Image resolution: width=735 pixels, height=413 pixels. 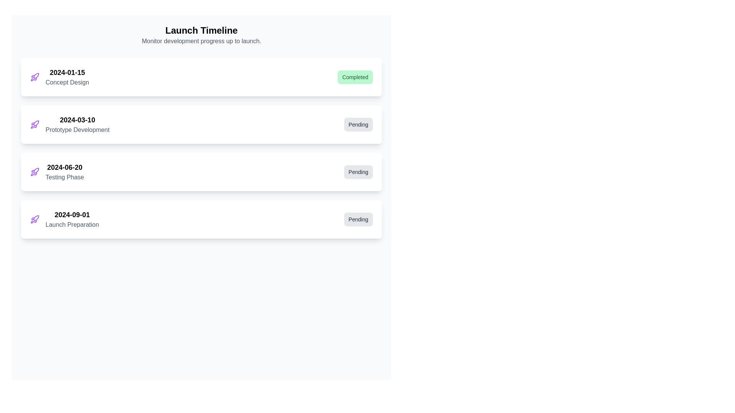 What do you see at coordinates (77, 120) in the screenshot?
I see `displayed date '2024-03-10' from the bolded text label within the timeline interface of the 'Prototype Development' card` at bounding box center [77, 120].